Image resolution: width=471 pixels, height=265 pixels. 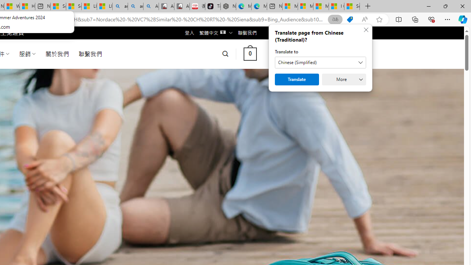 What do you see at coordinates (344, 79) in the screenshot?
I see `'More'` at bounding box center [344, 79].